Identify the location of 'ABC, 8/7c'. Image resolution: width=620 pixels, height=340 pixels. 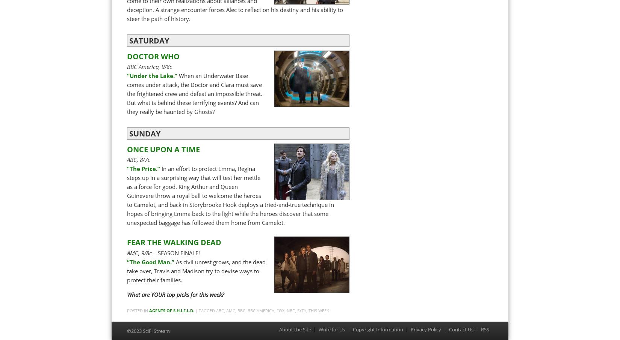
(138, 159).